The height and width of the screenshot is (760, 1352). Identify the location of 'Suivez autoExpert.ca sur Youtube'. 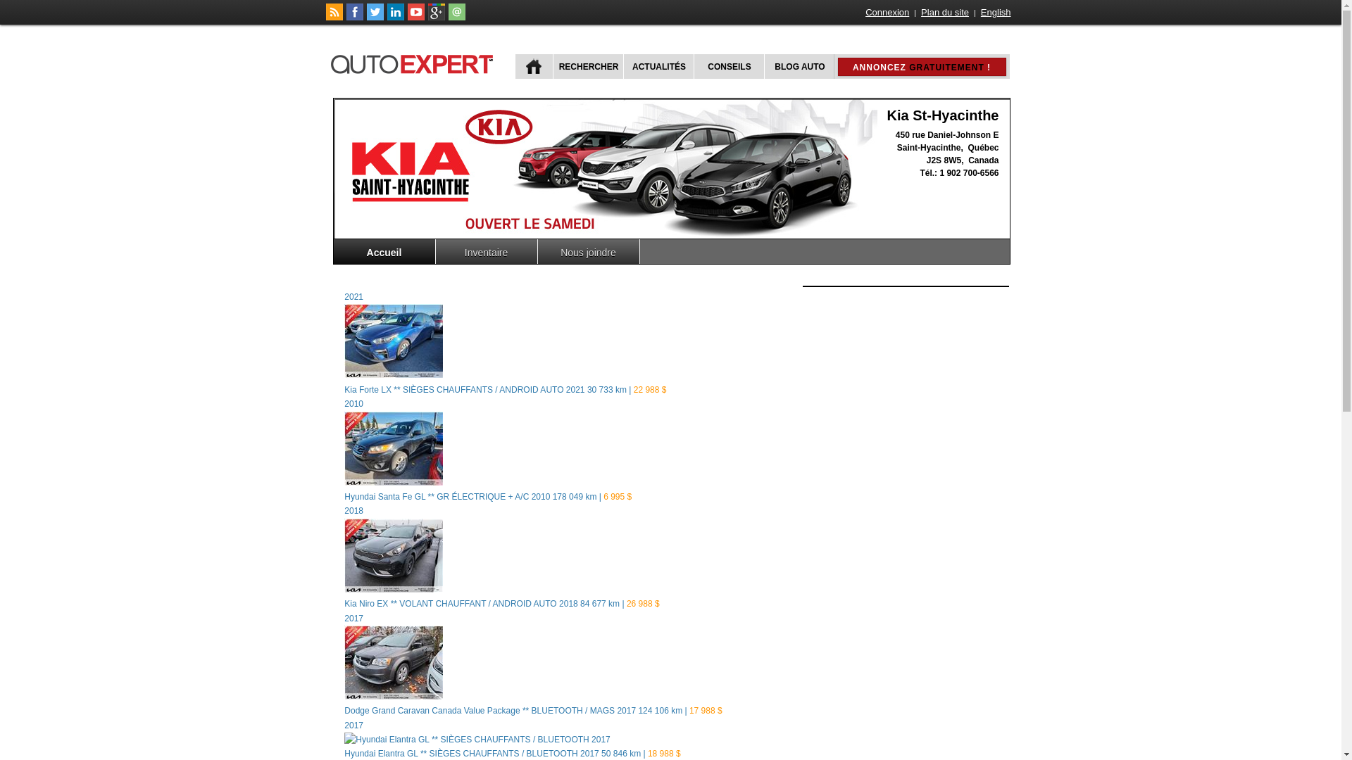
(406, 17).